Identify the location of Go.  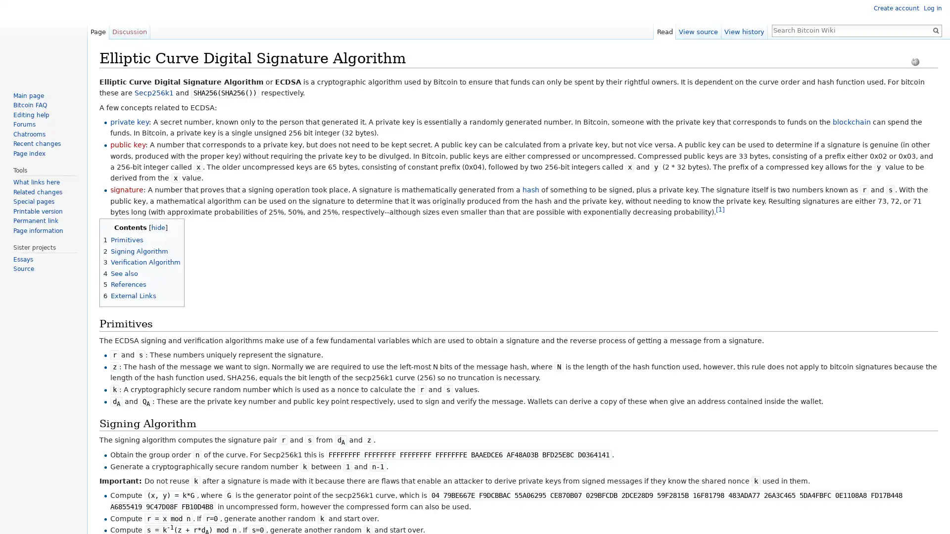
(935, 30).